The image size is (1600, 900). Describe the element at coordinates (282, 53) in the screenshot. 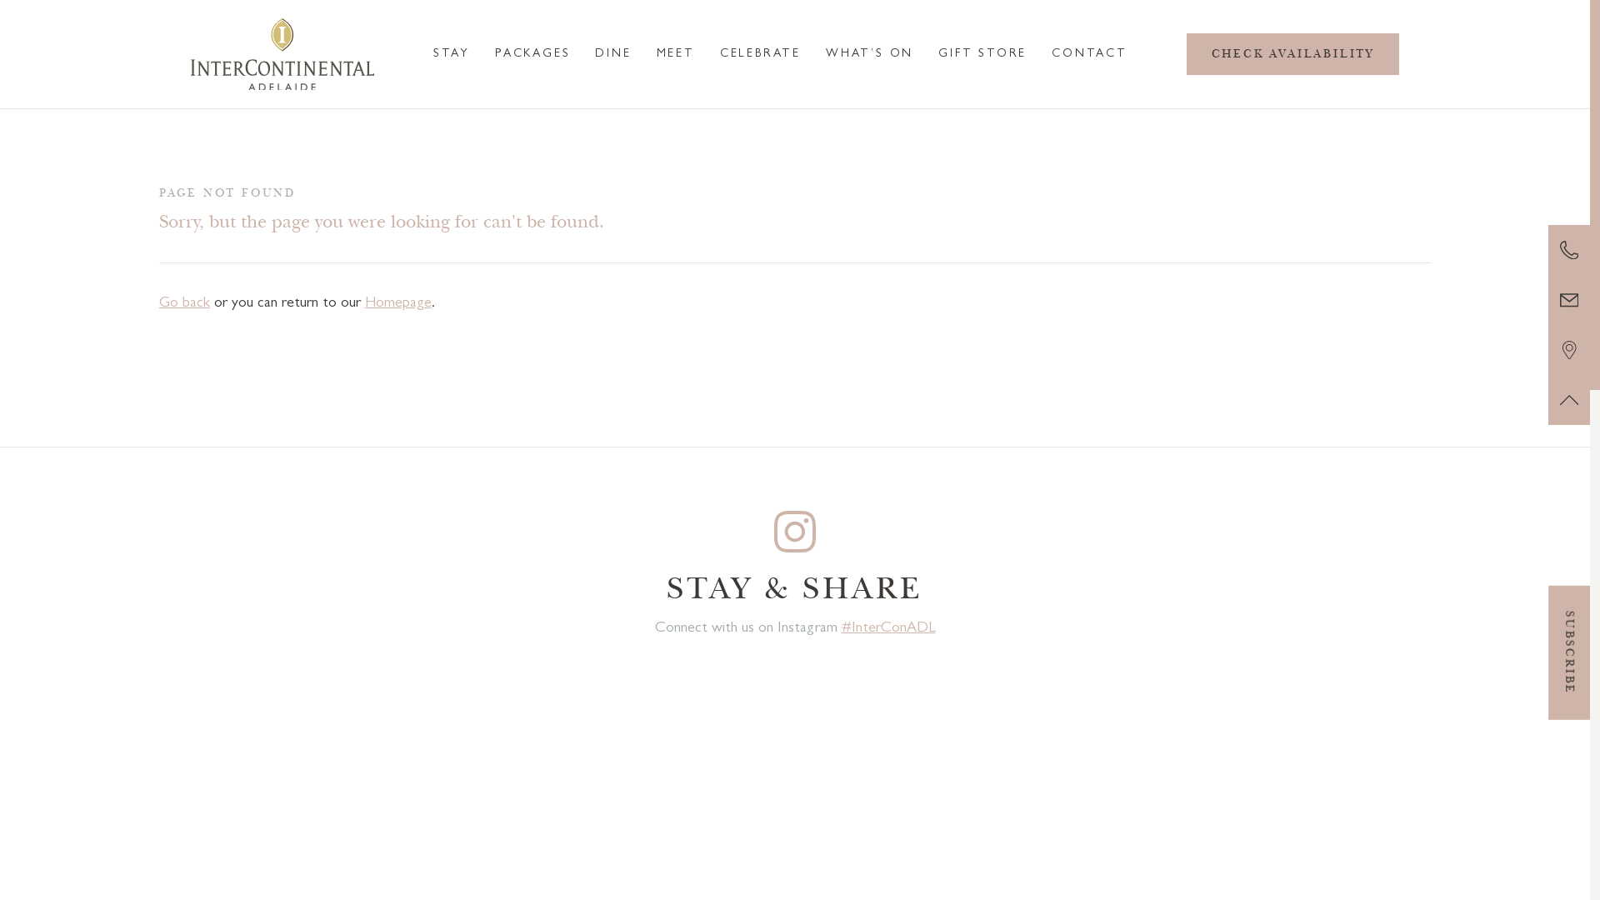

I see `'InterContinental Adelaide'` at that location.